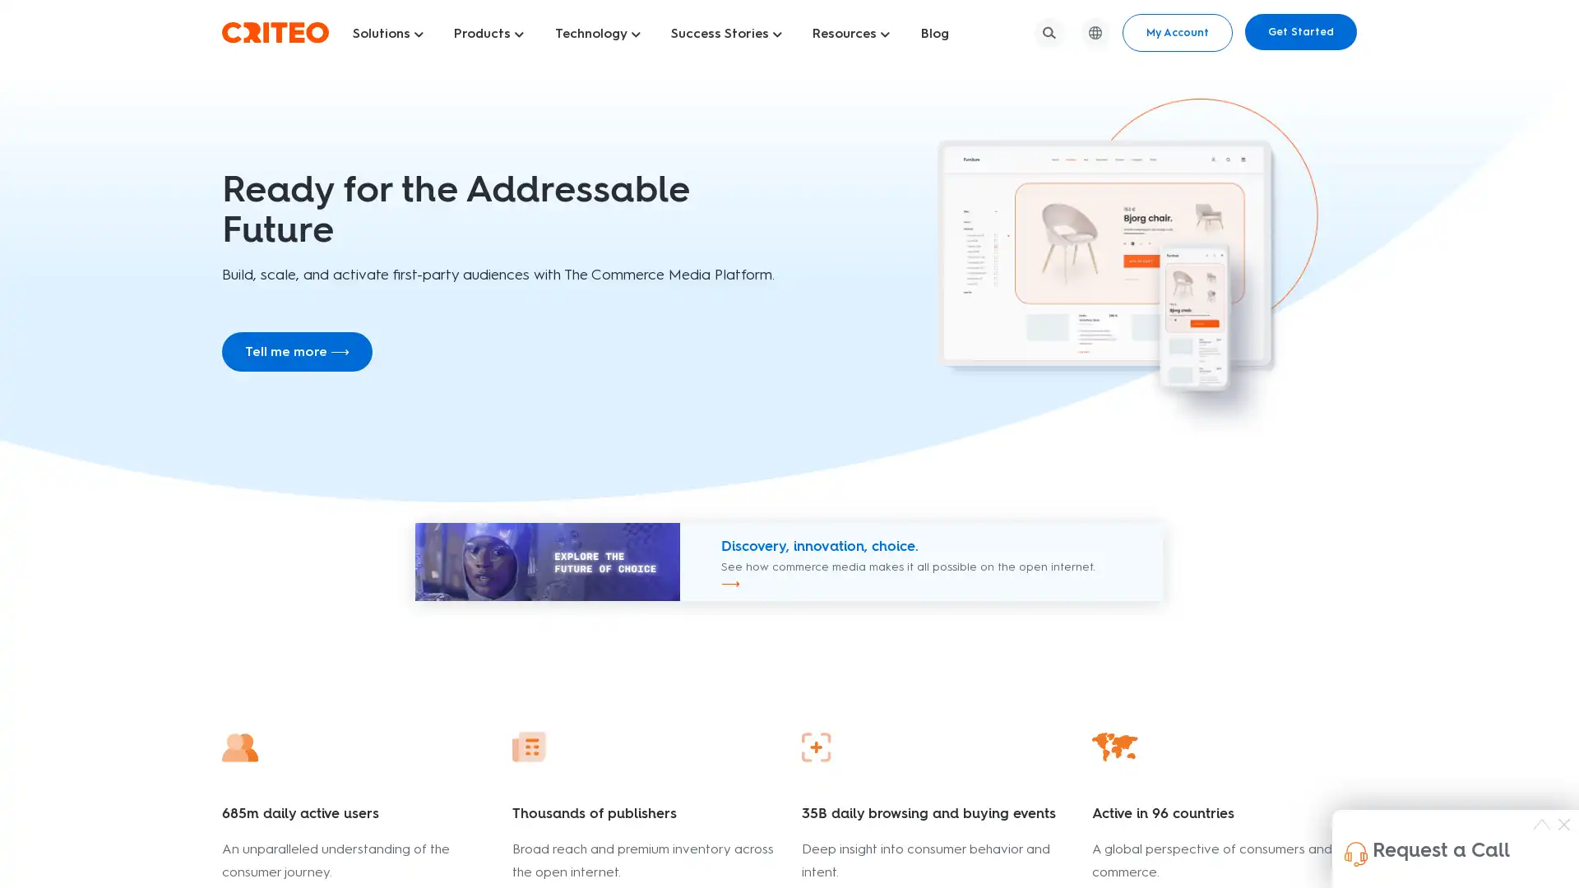 The image size is (1579, 888). I want to click on My Account, so click(1176, 32).